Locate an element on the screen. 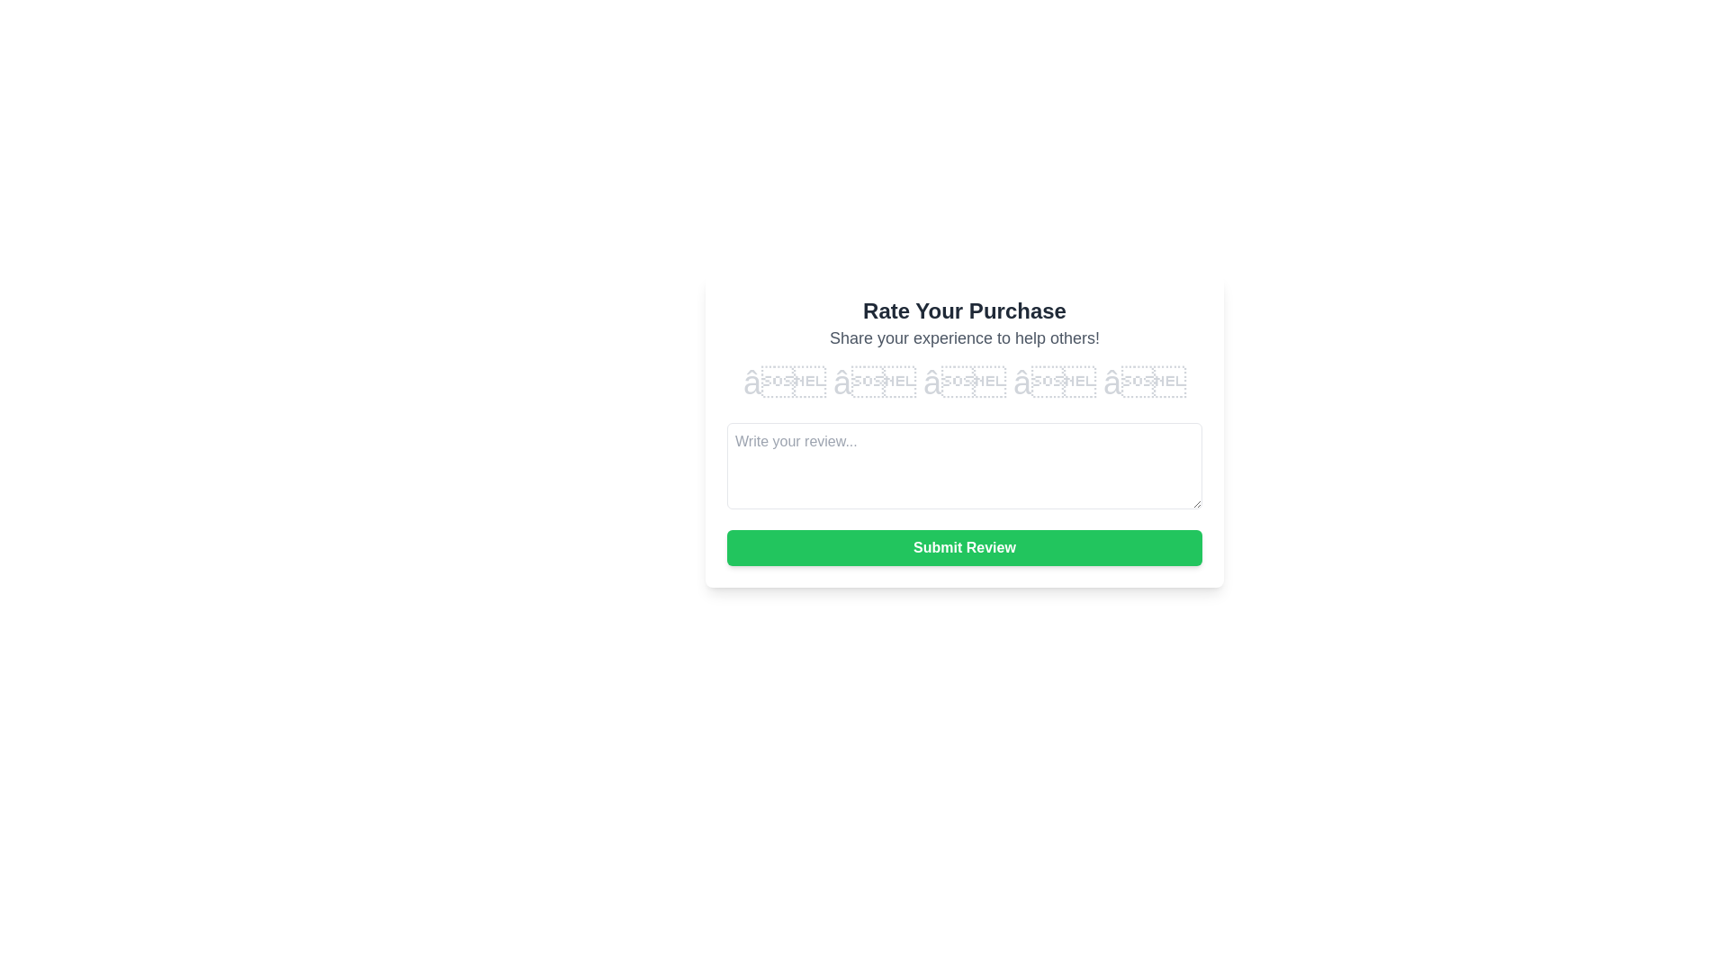  the rating to 5 stars by clicking on the corresponding star is located at coordinates (1144, 382).